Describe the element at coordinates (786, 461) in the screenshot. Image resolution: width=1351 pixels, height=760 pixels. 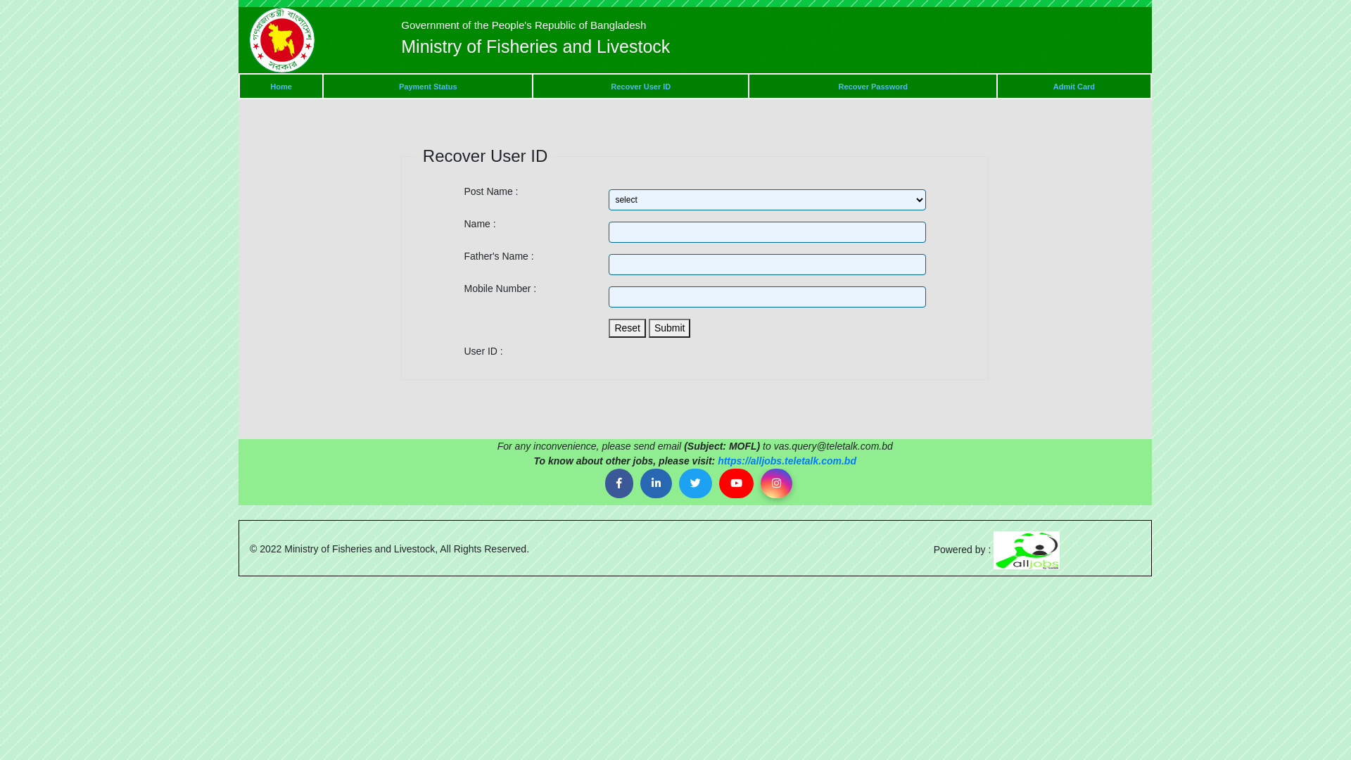
I see `'https://alljobs.teletalk.com.bd'` at that location.